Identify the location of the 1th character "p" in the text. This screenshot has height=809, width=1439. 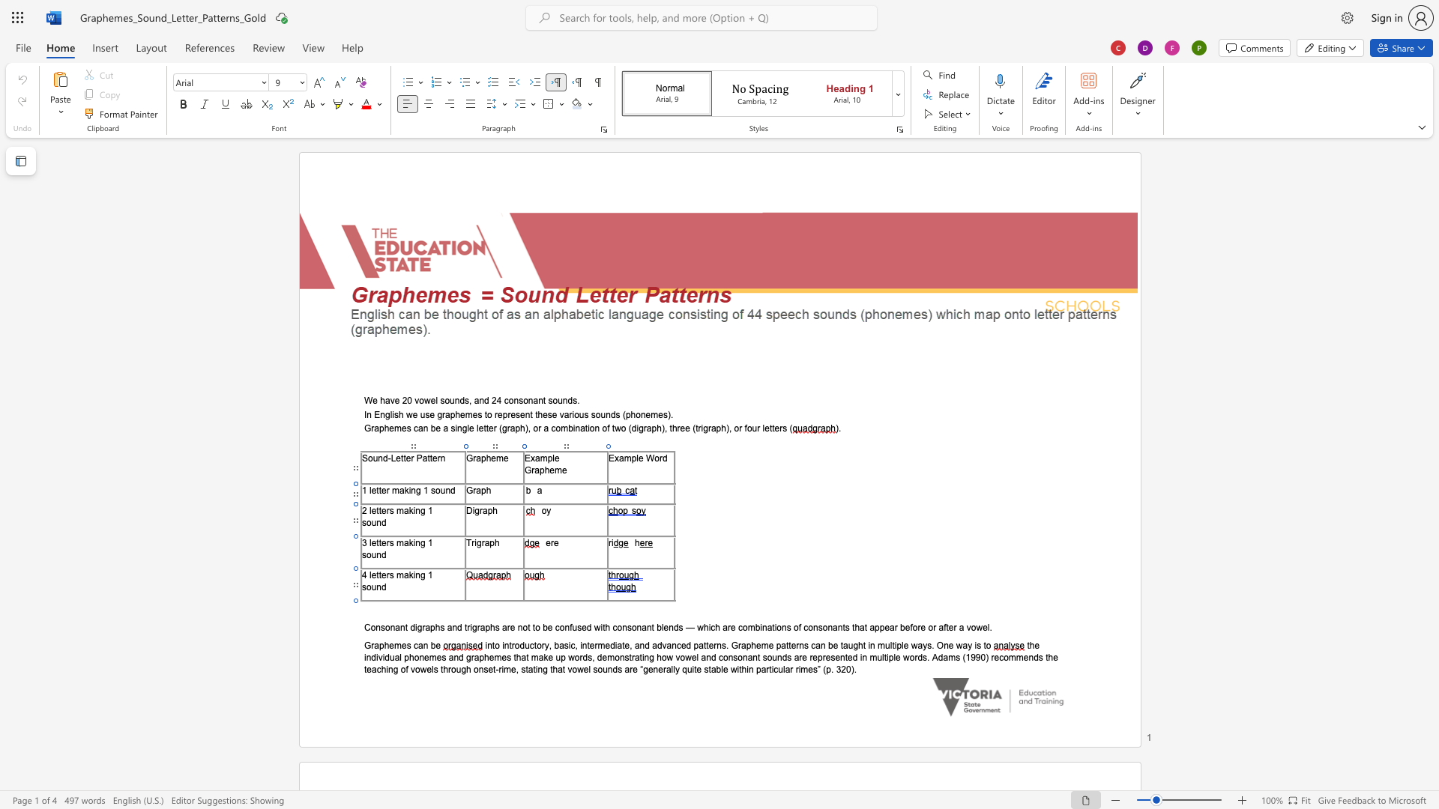
(381, 644).